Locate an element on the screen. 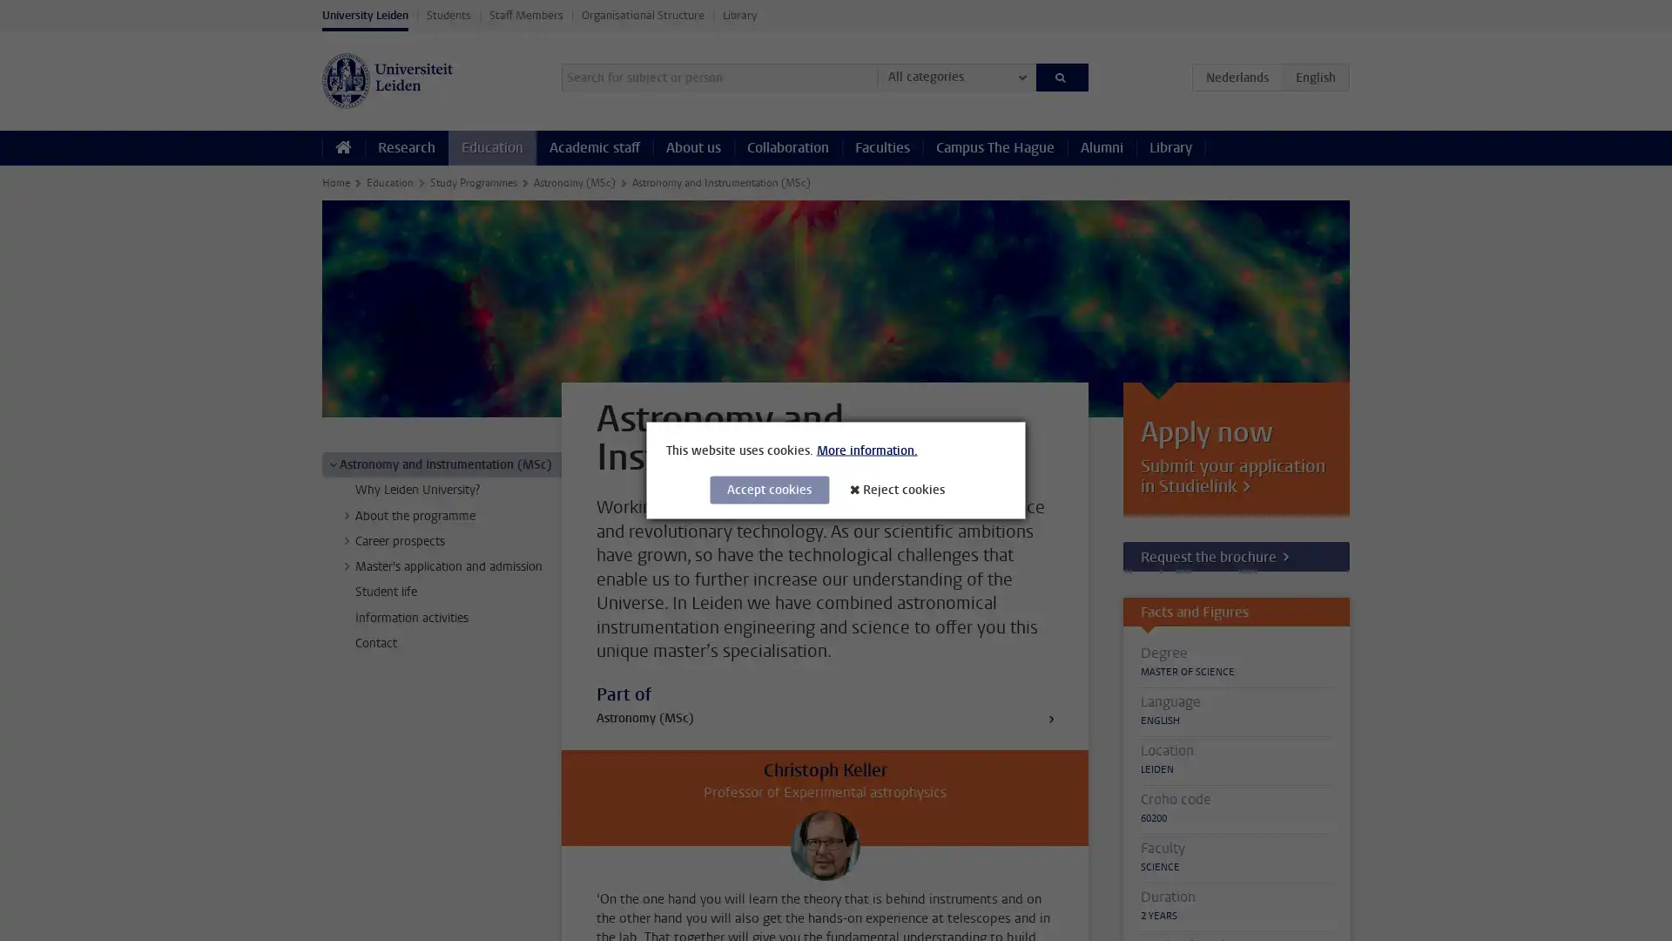  > is located at coordinates (333, 463).